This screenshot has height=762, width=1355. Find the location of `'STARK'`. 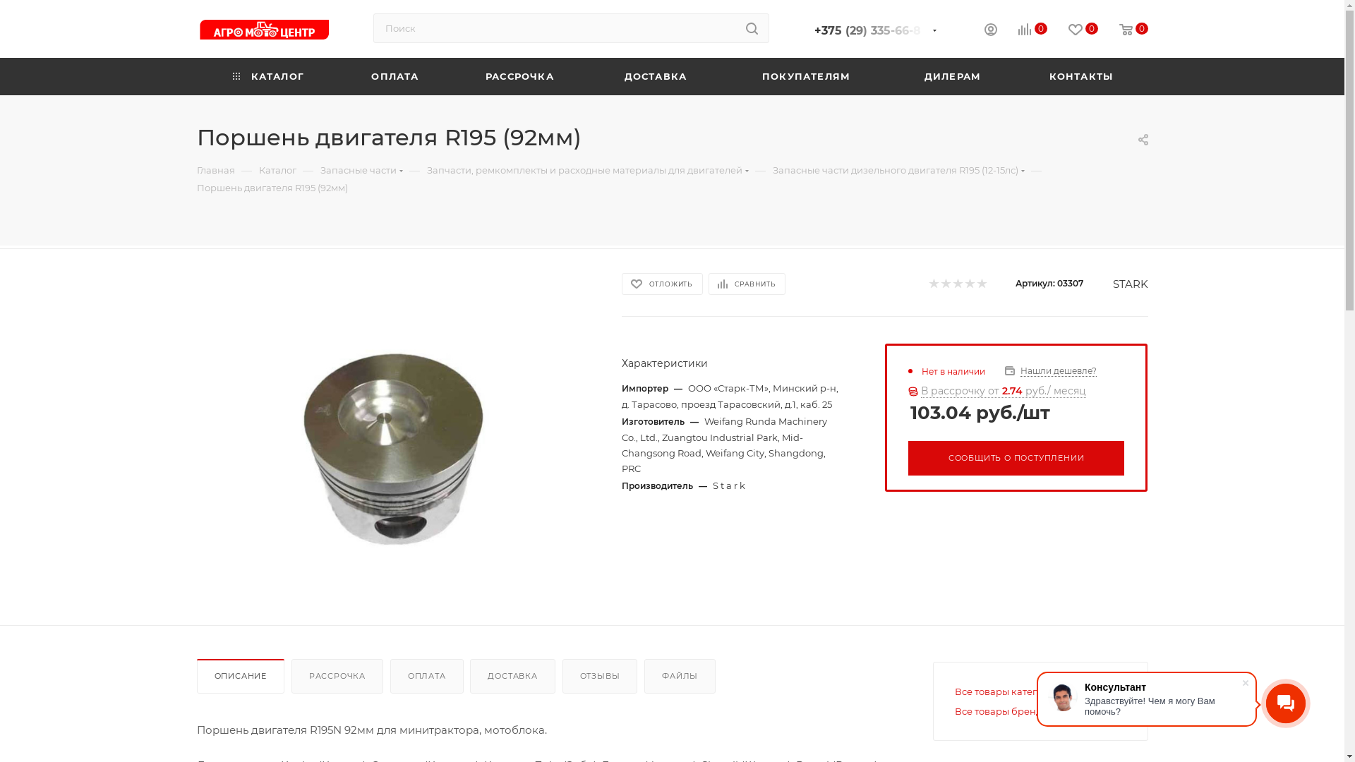

'STARK' is located at coordinates (1130, 284).